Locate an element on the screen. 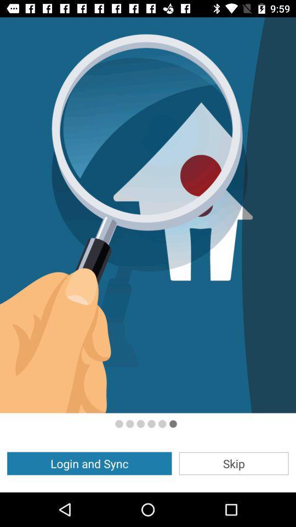 The height and width of the screenshot is (527, 296). the app at the bottom right corner is located at coordinates (233, 463).